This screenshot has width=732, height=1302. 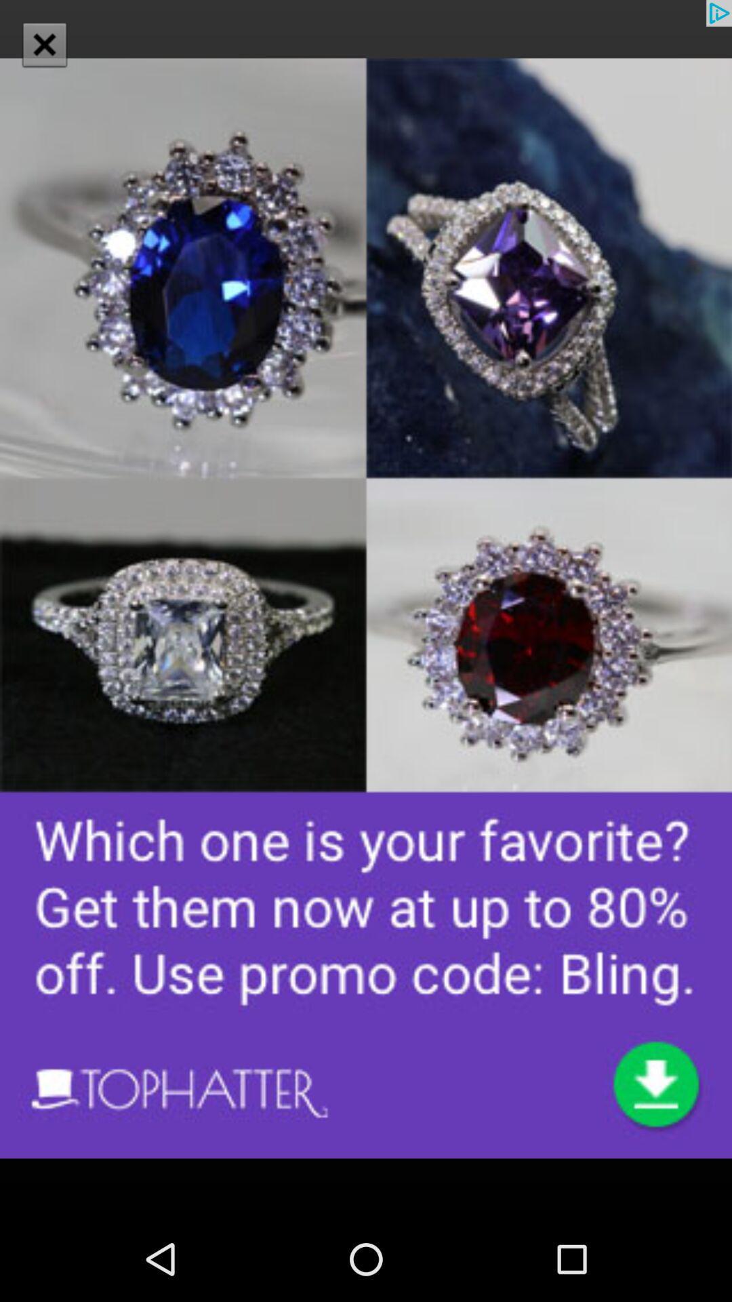 What do you see at coordinates (43, 47) in the screenshot?
I see `the close icon` at bounding box center [43, 47].